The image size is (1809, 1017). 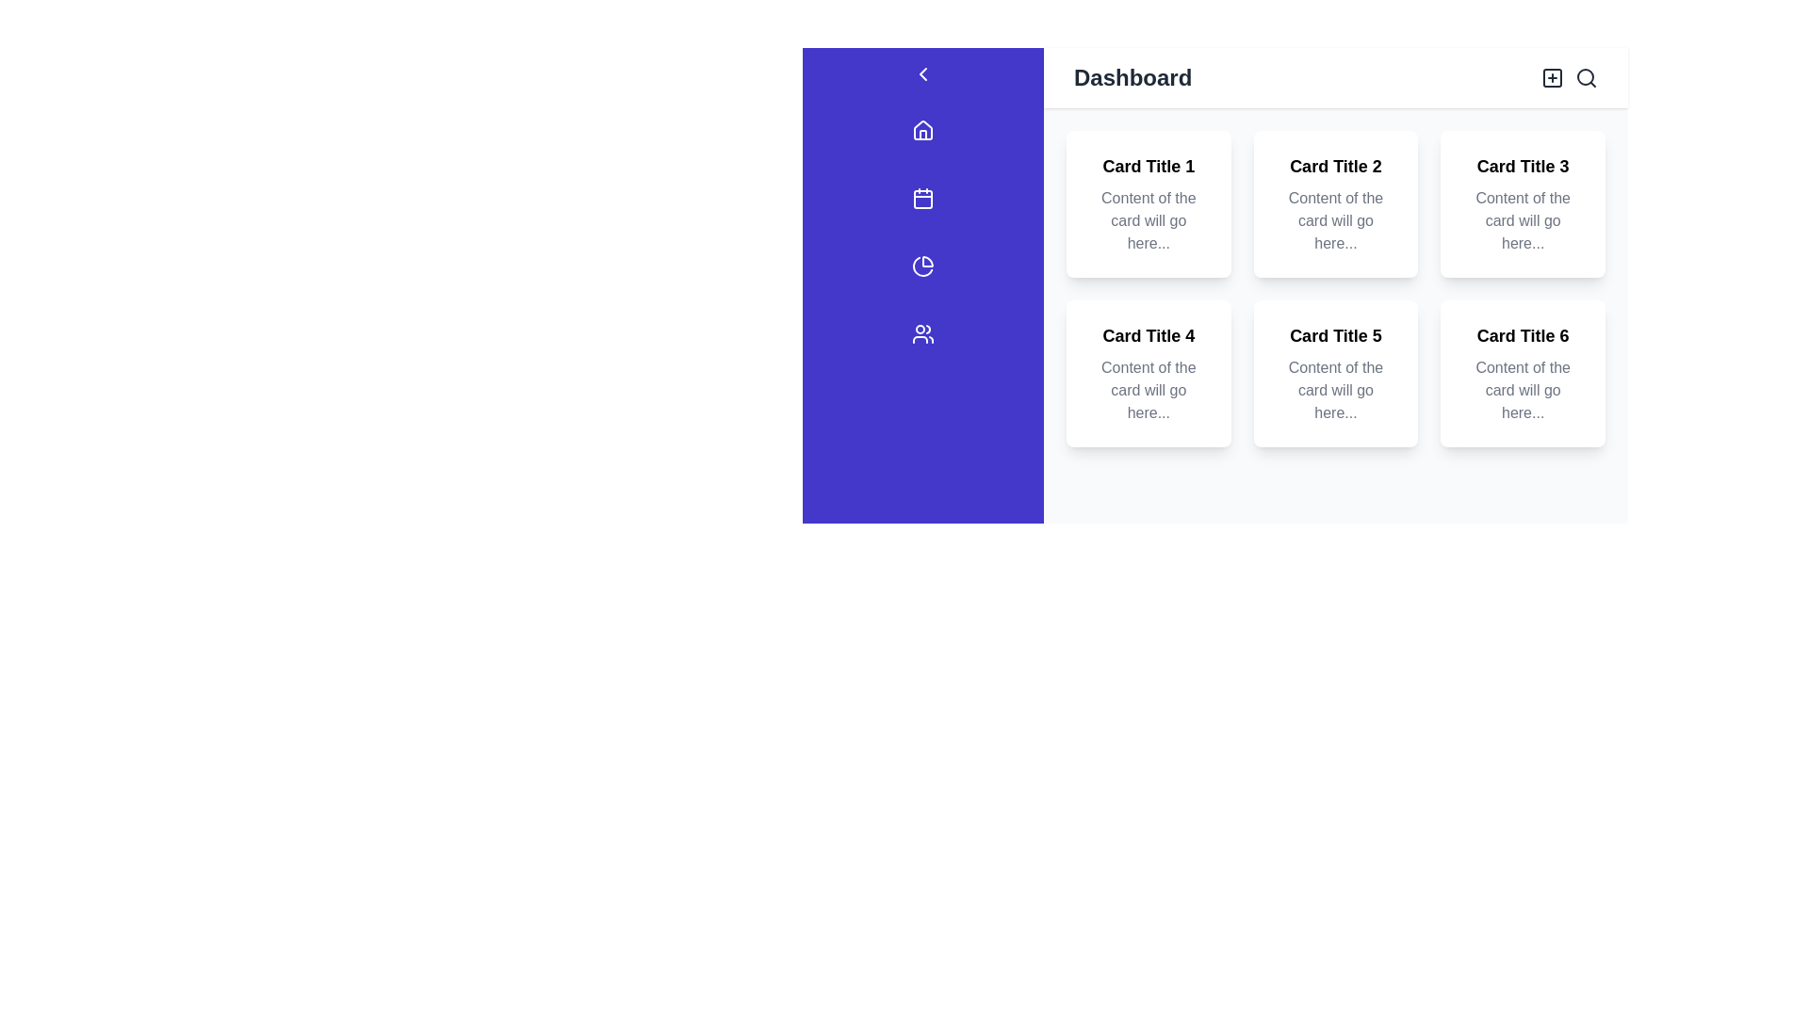 I want to click on the 'Add' button located in the top-right corner of the user interface, so click(x=1552, y=77).